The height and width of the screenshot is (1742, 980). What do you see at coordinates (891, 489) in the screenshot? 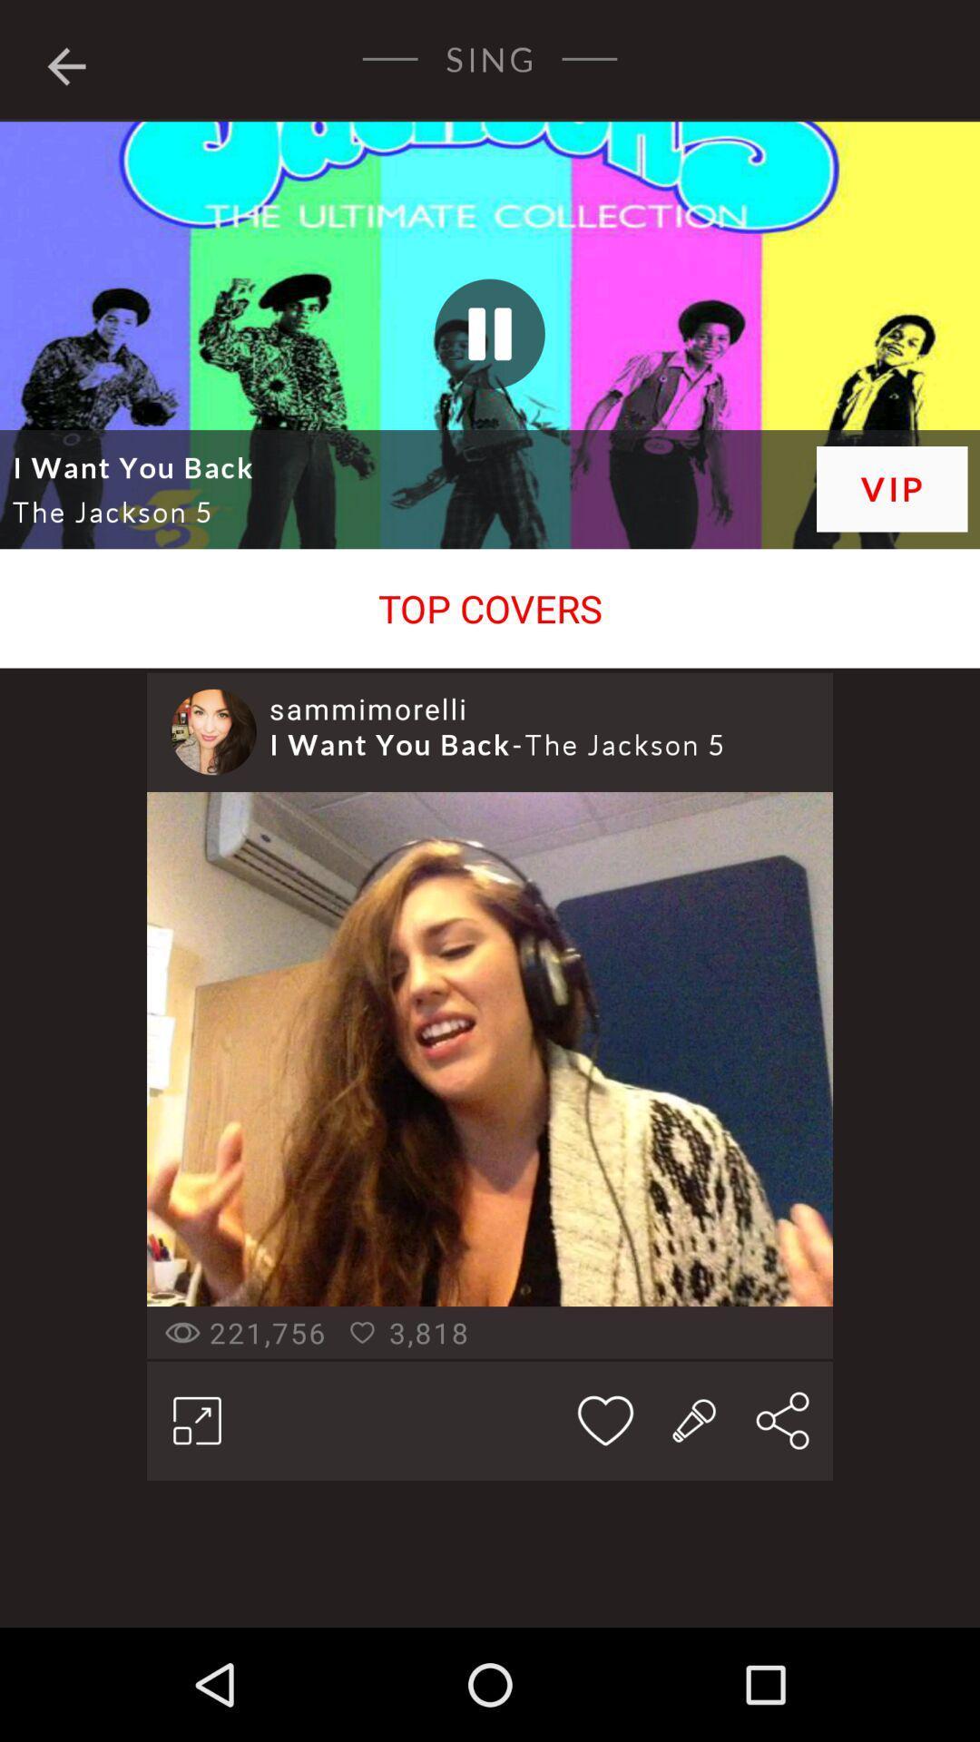
I see `the icon above top covers icon` at bounding box center [891, 489].